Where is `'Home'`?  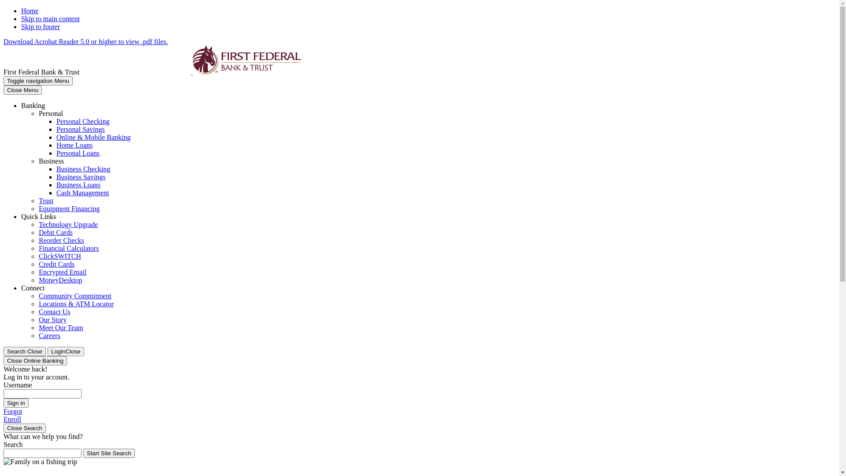 'Home' is located at coordinates (30, 11).